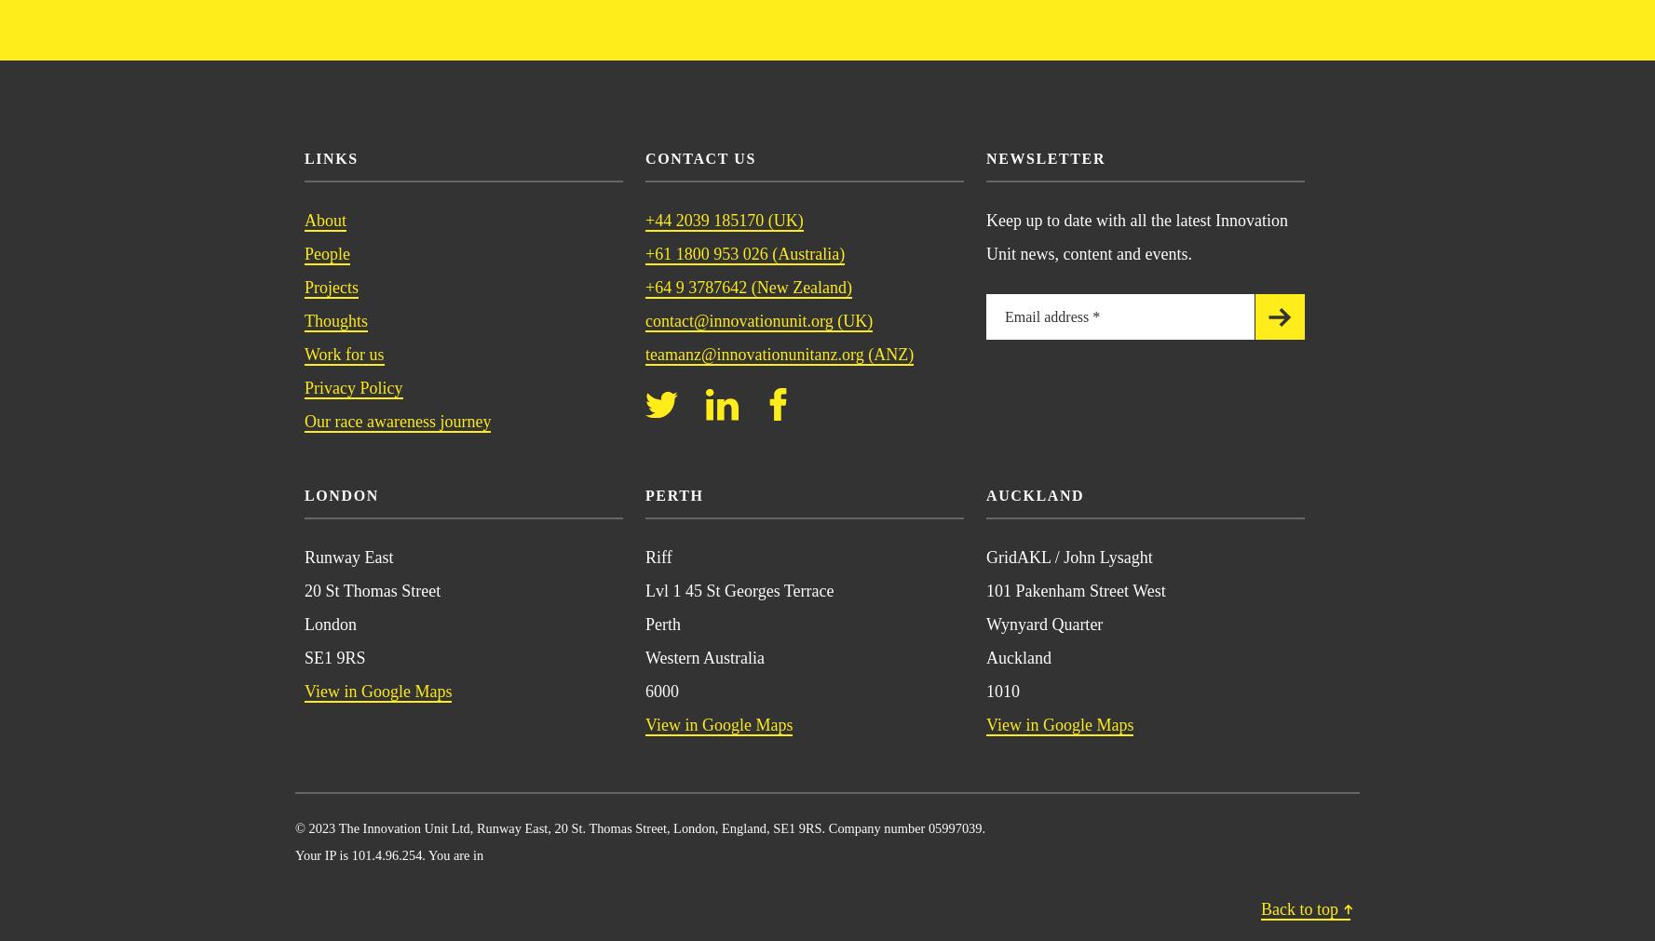 This screenshot has height=941, width=1655. I want to click on 'Keep up to date with all the latest Innovation Unit news, content and events.', so click(1136, 235).